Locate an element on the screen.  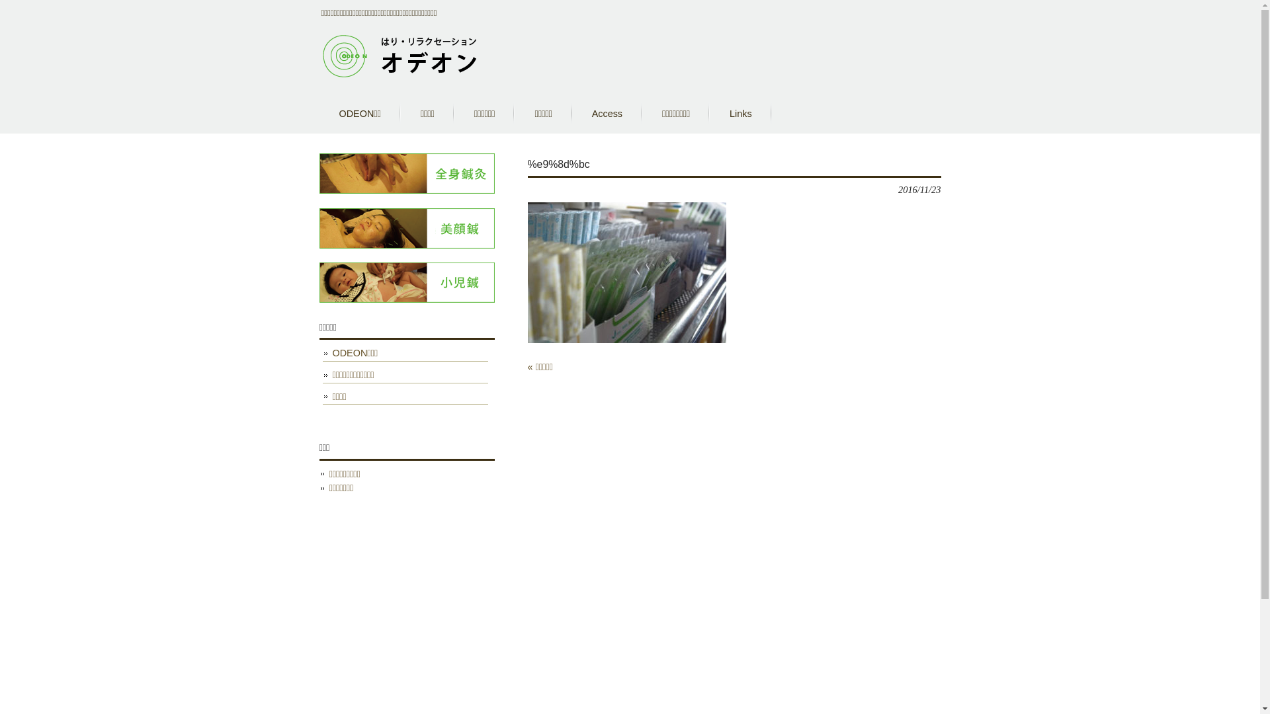
'Access' is located at coordinates (606, 113).